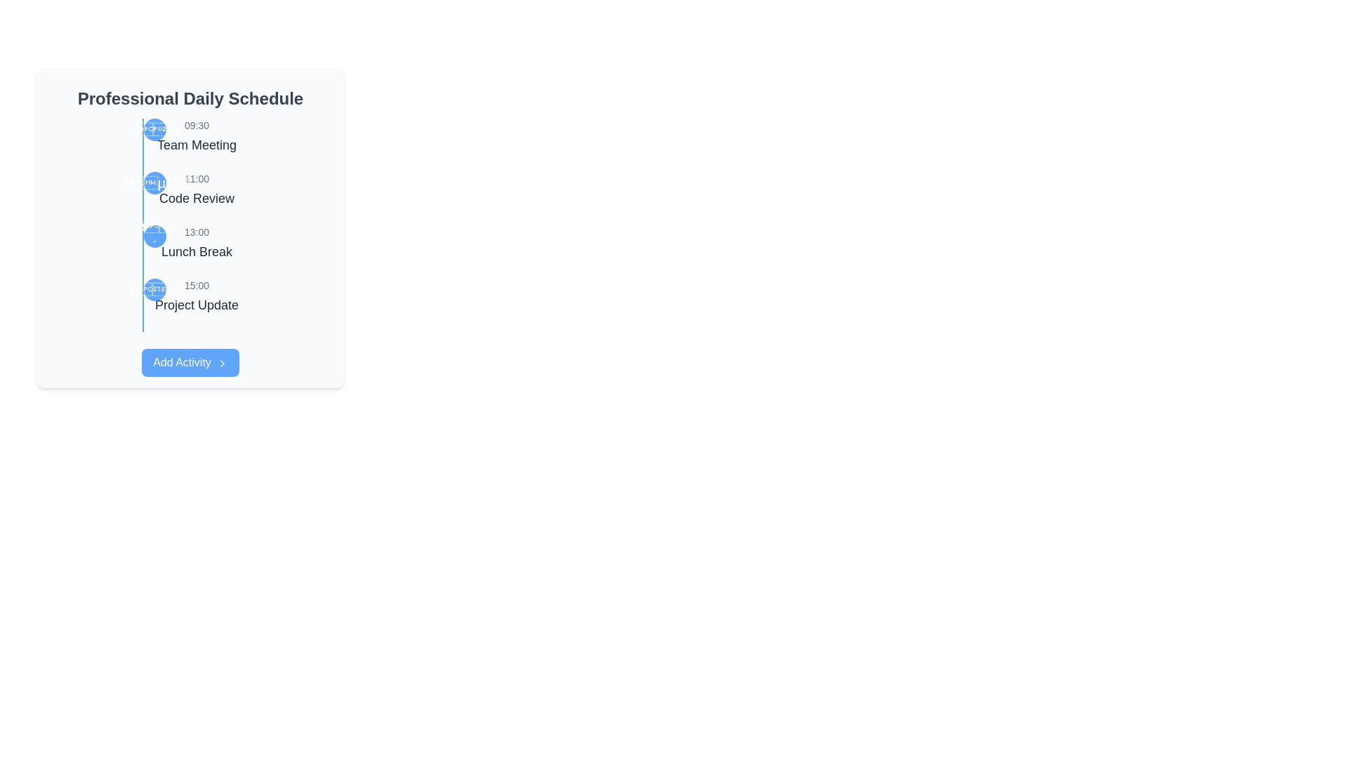 The image size is (1348, 758). Describe the element at coordinates (196, 178) in the screenshot. I see `the text element displaying '11:00', which is styled in gray and is the second entry in a vertical schedule list` at that location.